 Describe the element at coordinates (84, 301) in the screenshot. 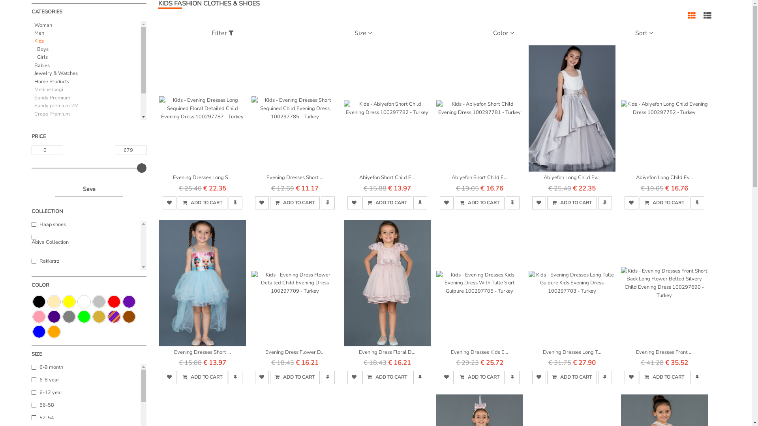

I see `'White'` at that location.